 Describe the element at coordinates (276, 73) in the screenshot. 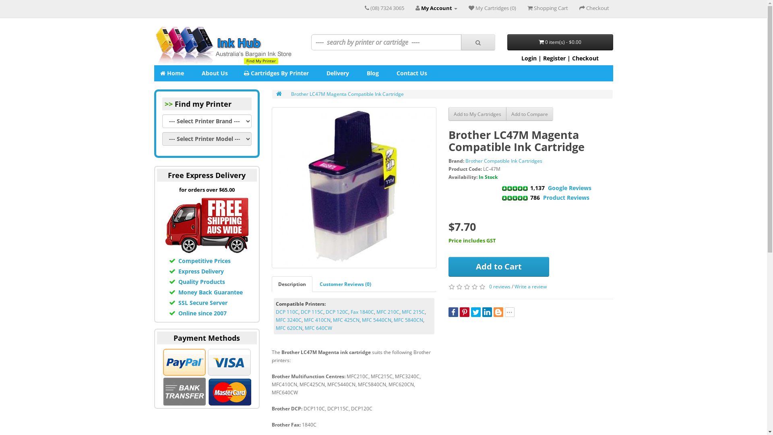

I see `'Find My Printer` at that location.